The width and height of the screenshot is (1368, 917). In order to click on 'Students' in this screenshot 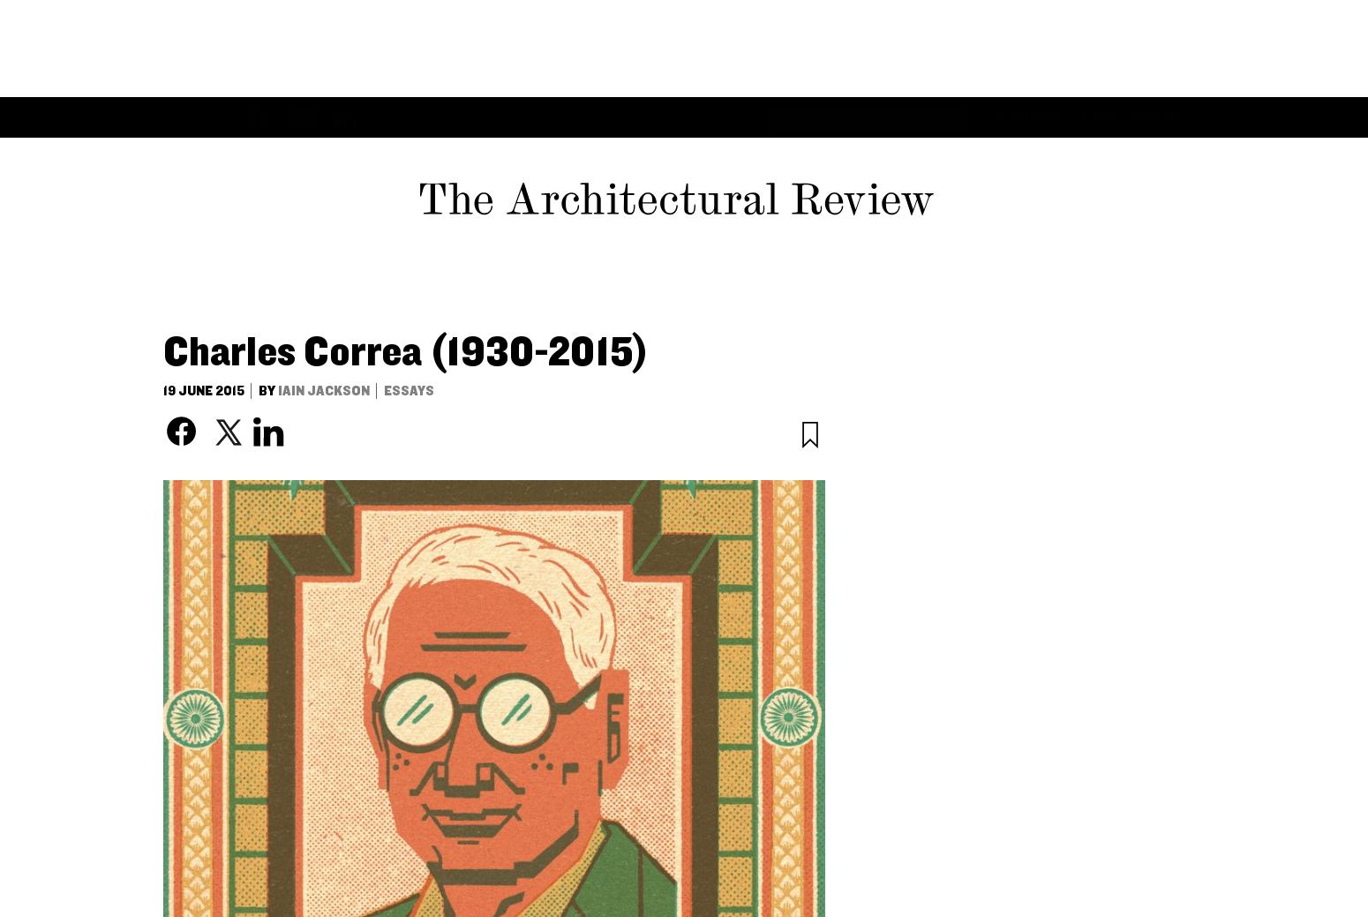, I will do `click(958, 19)`.